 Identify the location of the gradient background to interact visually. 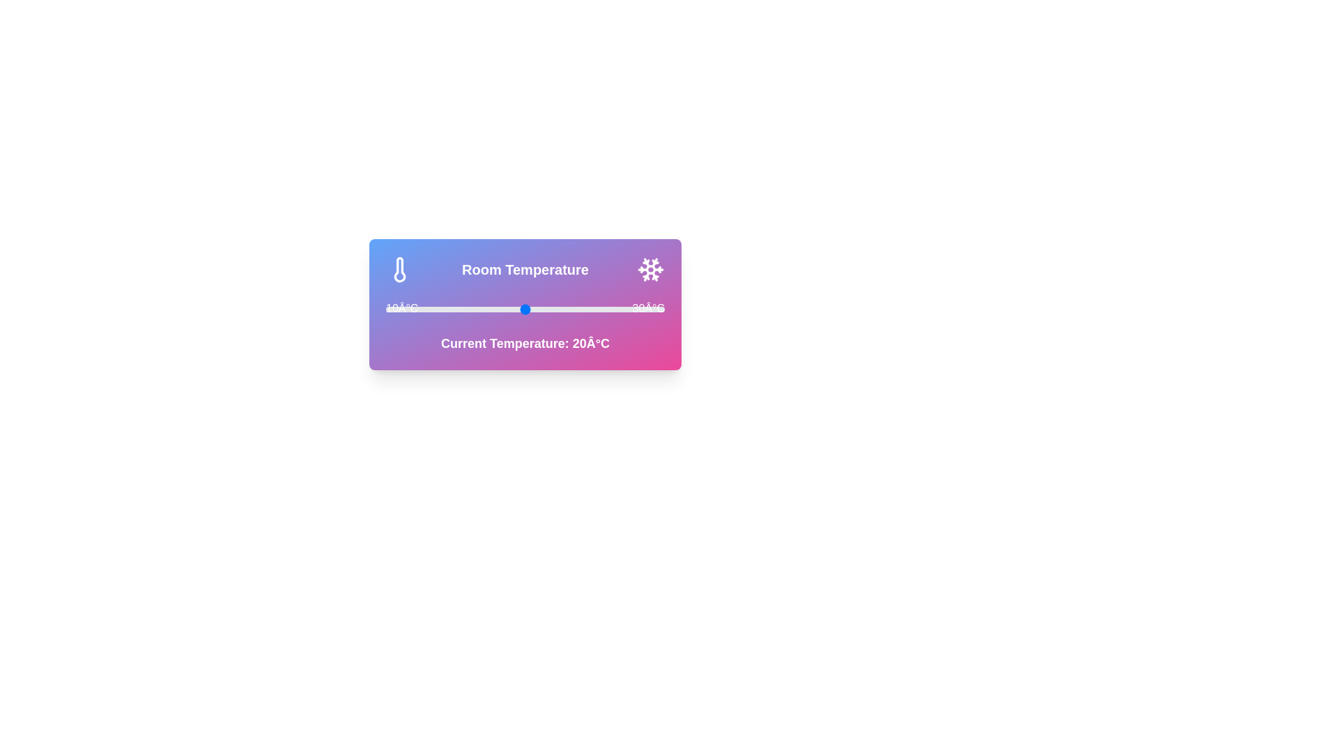
(524, 303).